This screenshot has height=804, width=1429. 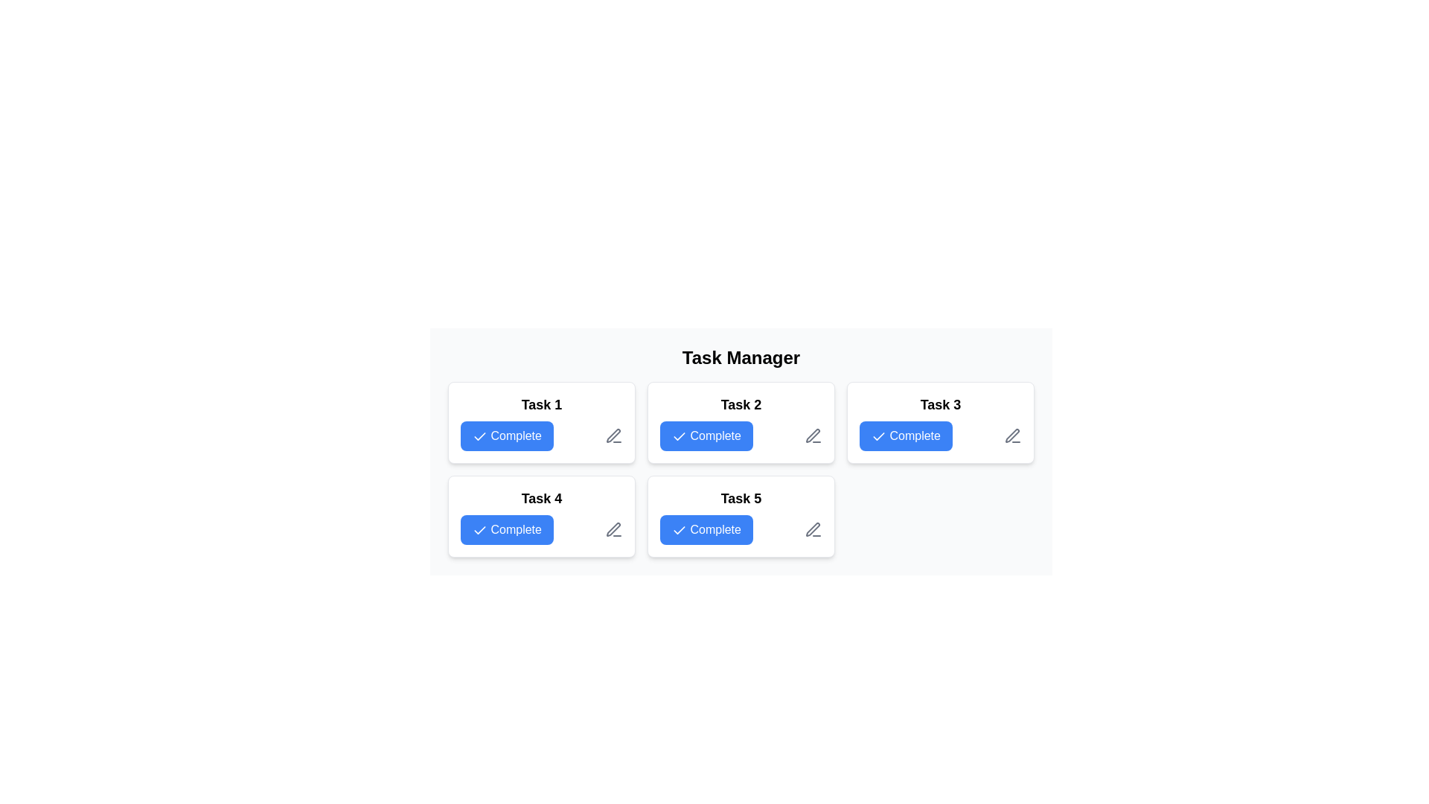 What do you see at coordinates (541, 529) in the screenshot?
I see `the button located at the bottom-center of the 'Task 4' section to mark the associated task as complete` at bounding box center [541, 529].